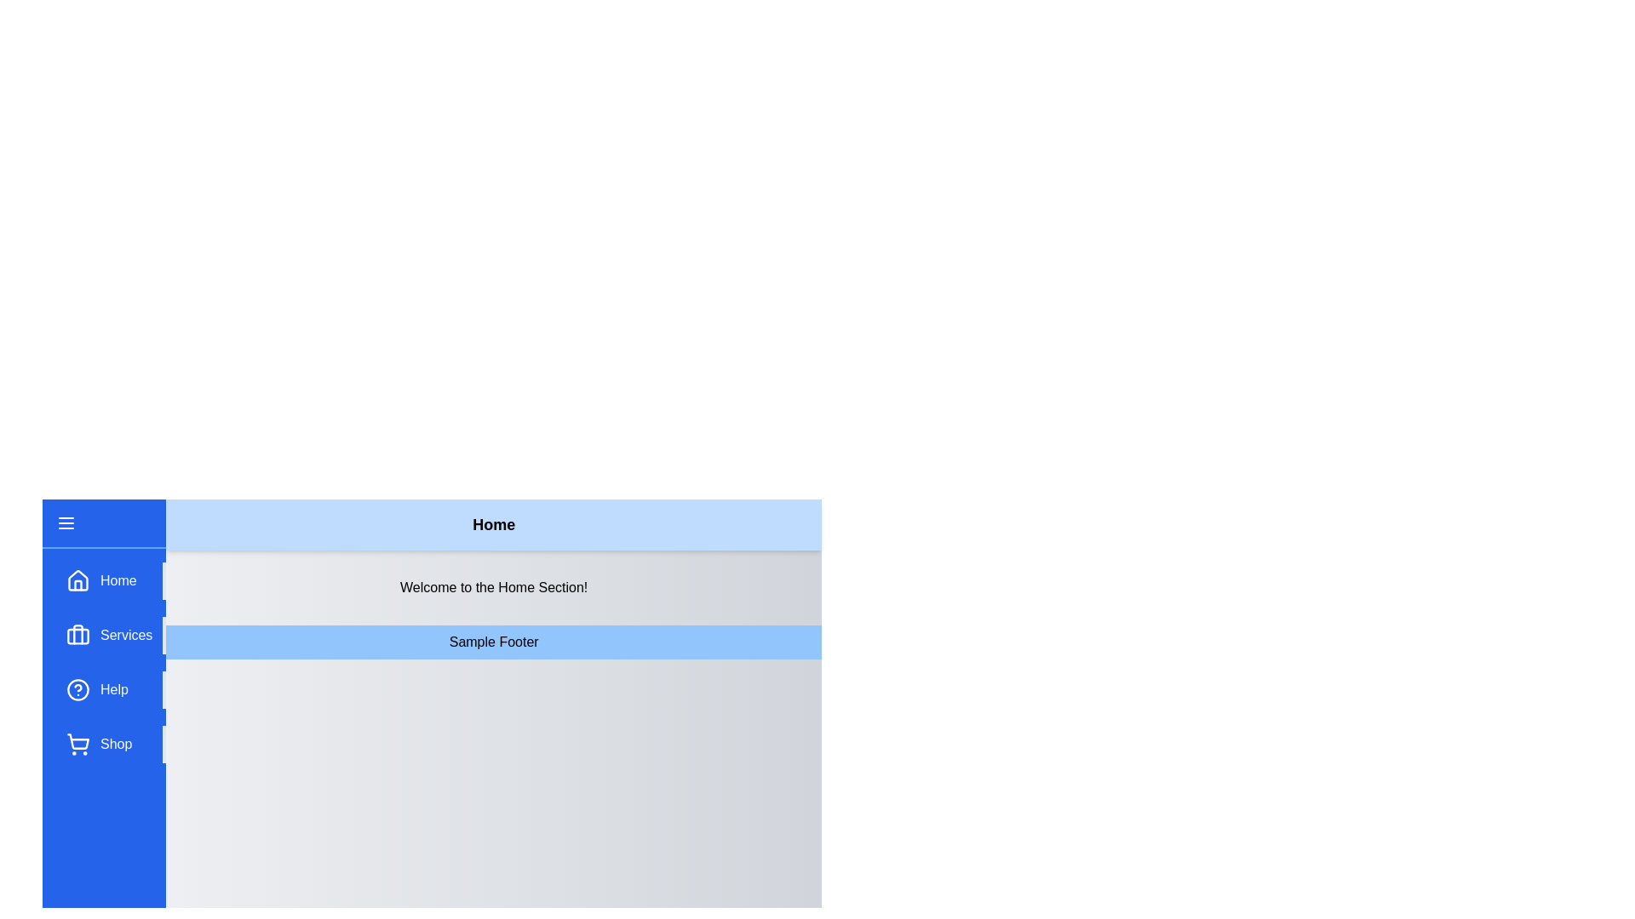  What do you see at coordinates (110, 689) in the screenshot?
I see `the blue sidebar button labeled 'Help', which is the third button in the vertical list of navigational options` at bounding box center [110, 689].